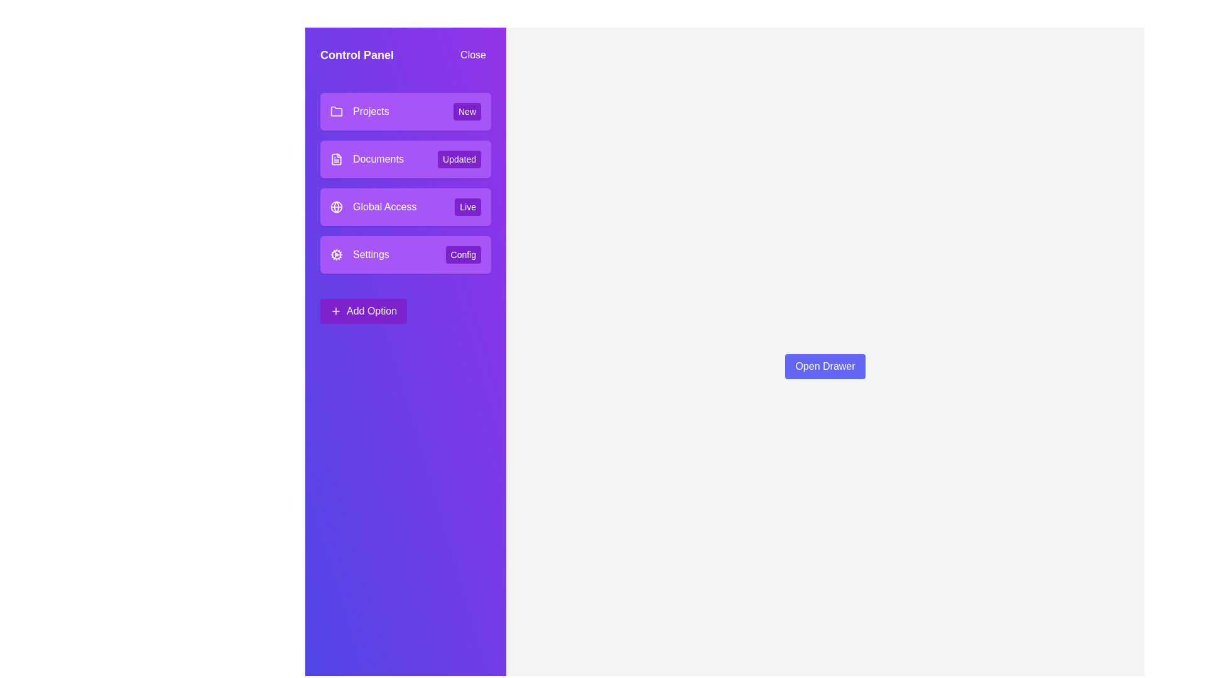 The height and width of the screenshot is (678, 1206). What do you see at coordinates (406, 207) in the screenshot?
I see `the menu item with the title Global Access` at bounding box center [406, 207].